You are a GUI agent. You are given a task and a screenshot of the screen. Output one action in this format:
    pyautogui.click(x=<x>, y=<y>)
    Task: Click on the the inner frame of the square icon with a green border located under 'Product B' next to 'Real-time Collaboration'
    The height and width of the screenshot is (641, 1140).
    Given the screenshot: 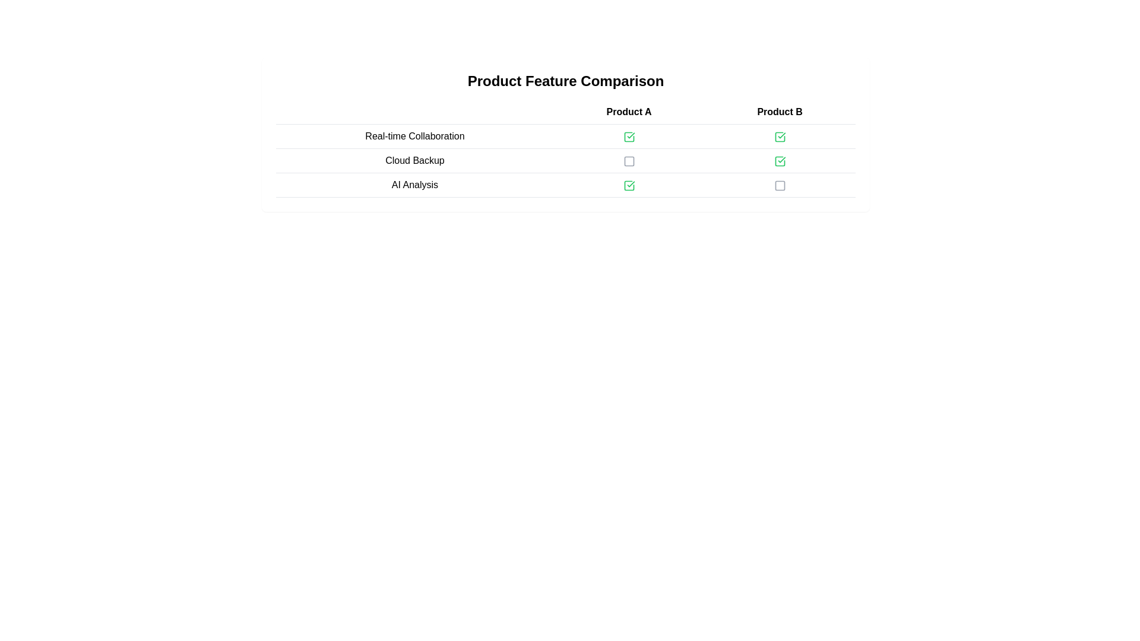 What is the action you would take?
    pyautogui.click(x=628, y=136)
    